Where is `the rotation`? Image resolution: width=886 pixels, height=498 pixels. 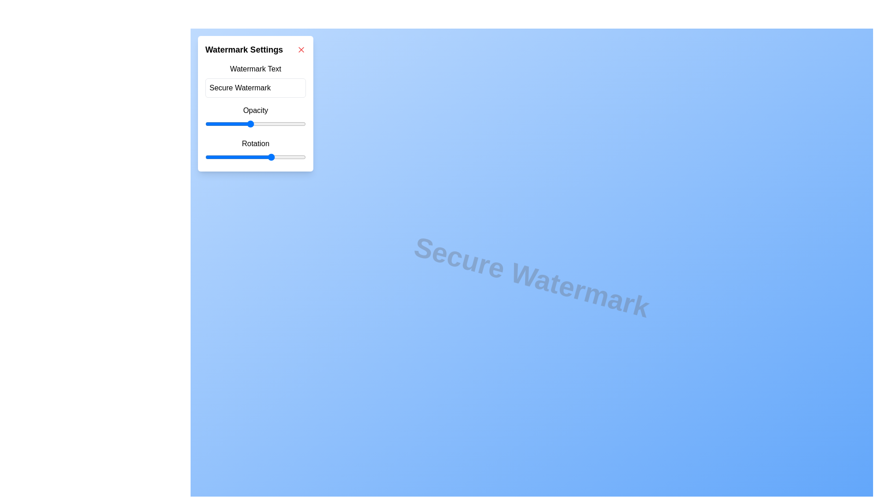
the rotation is located at coordinates (220, 156).